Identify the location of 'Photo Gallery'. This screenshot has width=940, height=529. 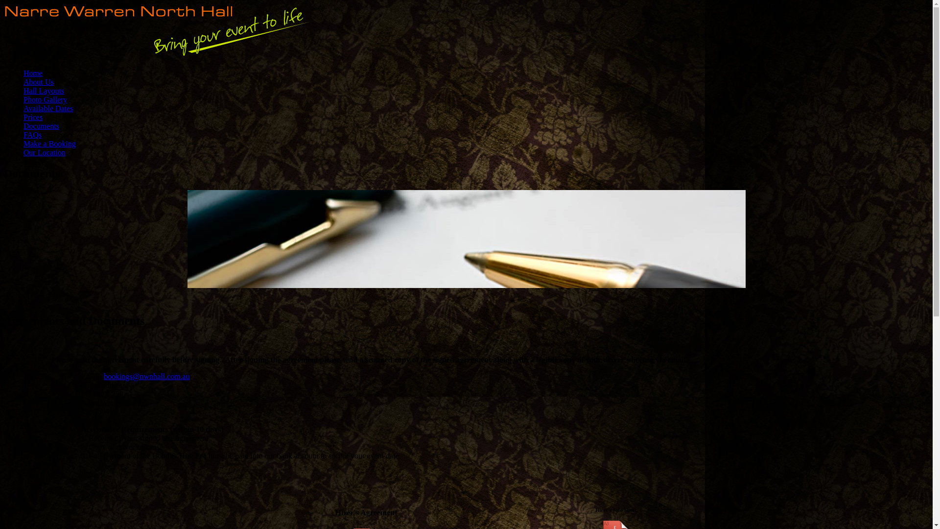
(23, 99).